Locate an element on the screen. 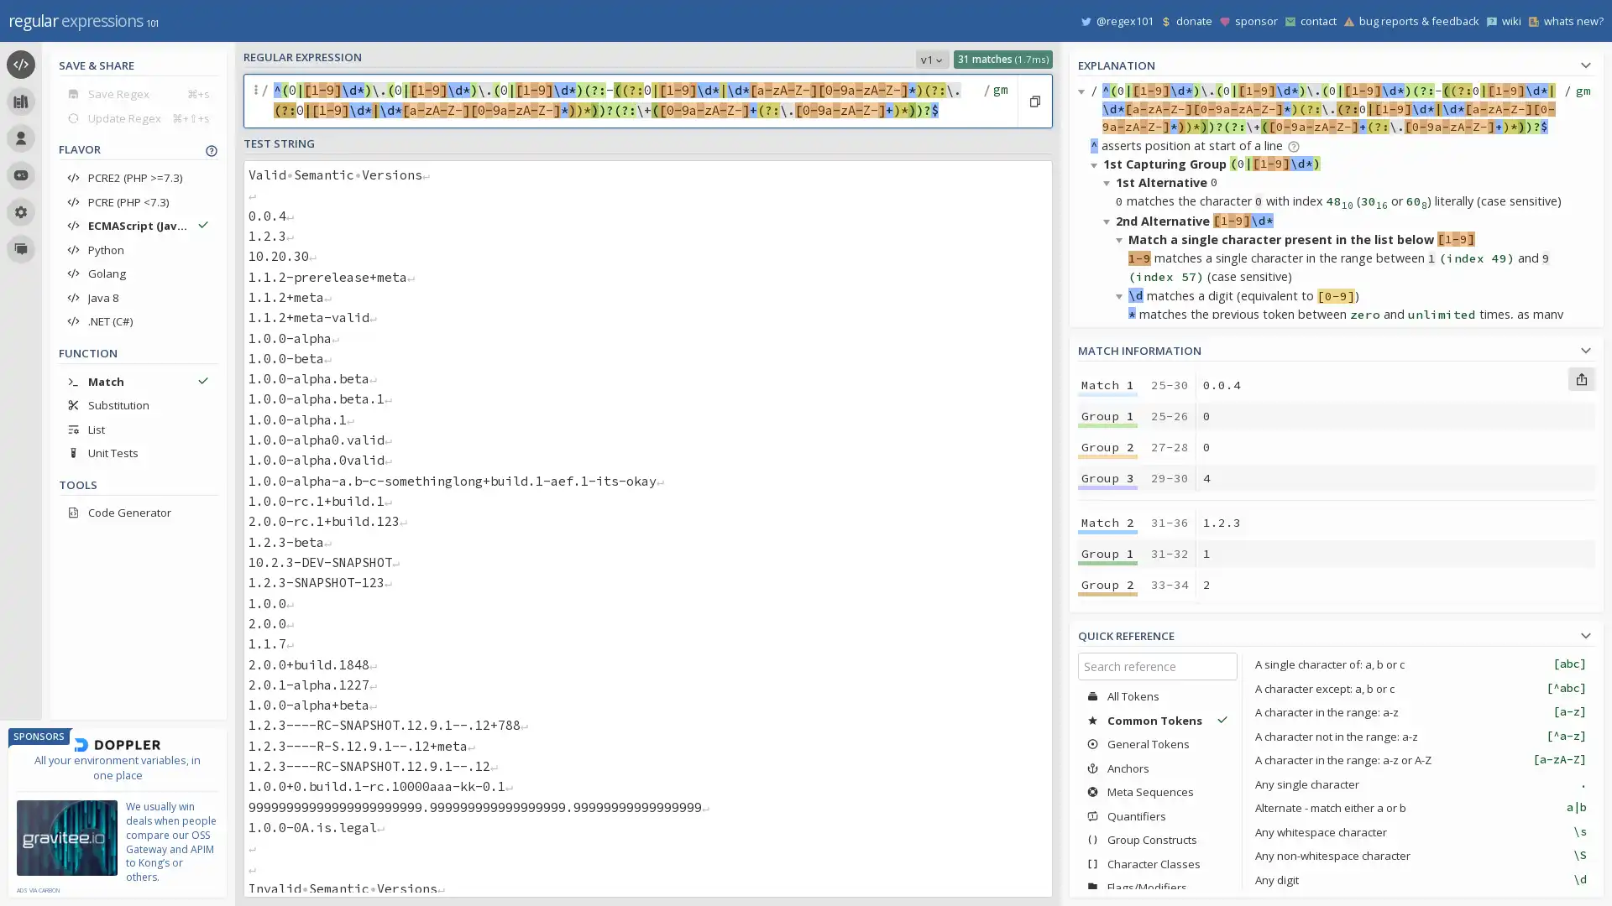 This screenshot has height=906, width=1612. Match 3 is located at coordinates (1107, 659).